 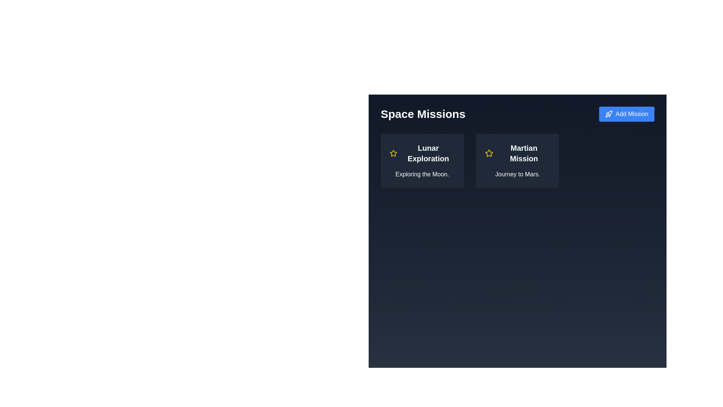 What do you see at coordinates (393, 153) in the screenshot?
I see `the star-shaped icon with a yellow outline` at bounding box center [393, 153].